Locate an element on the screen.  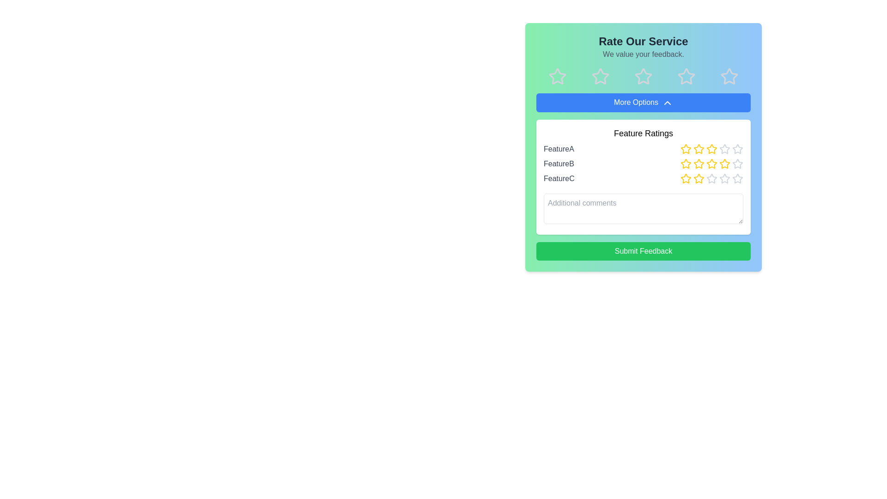
the third star in the rating system under the 'FeatureB' label is located at coordinates (711, 163).